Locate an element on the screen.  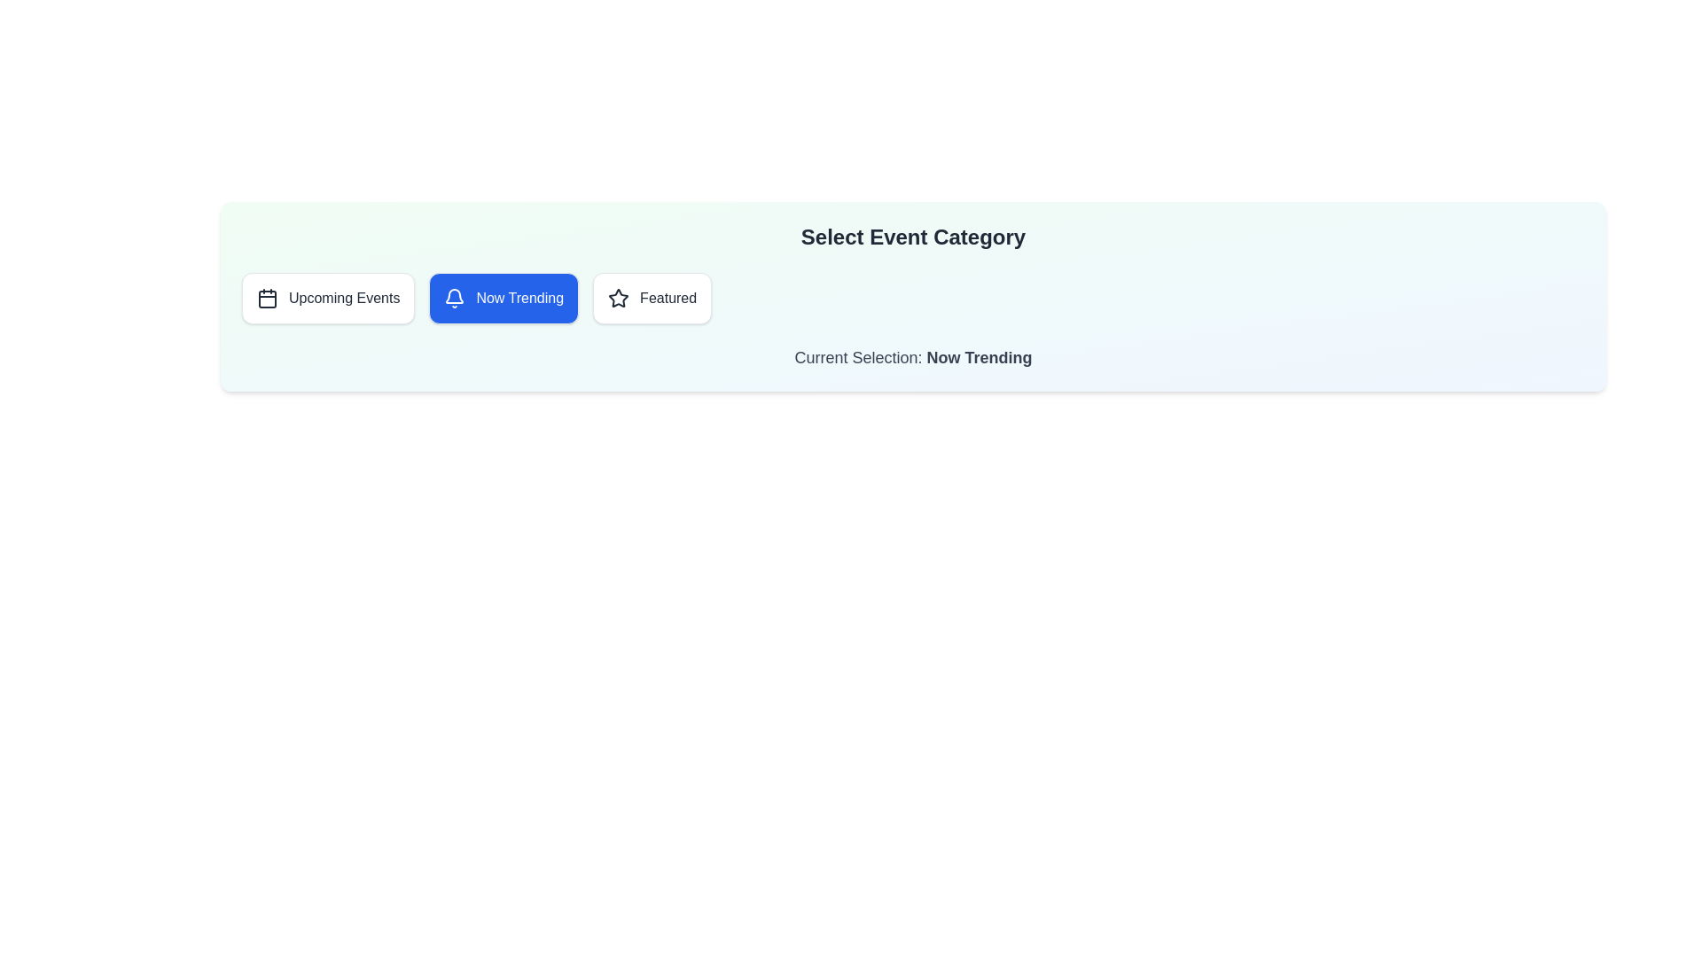
the text label displaying 'Current Selection:' with the value 'Now Trending', which is styled with bolder weight and positioned below the category selection interface is located at coordinates (913, 358).